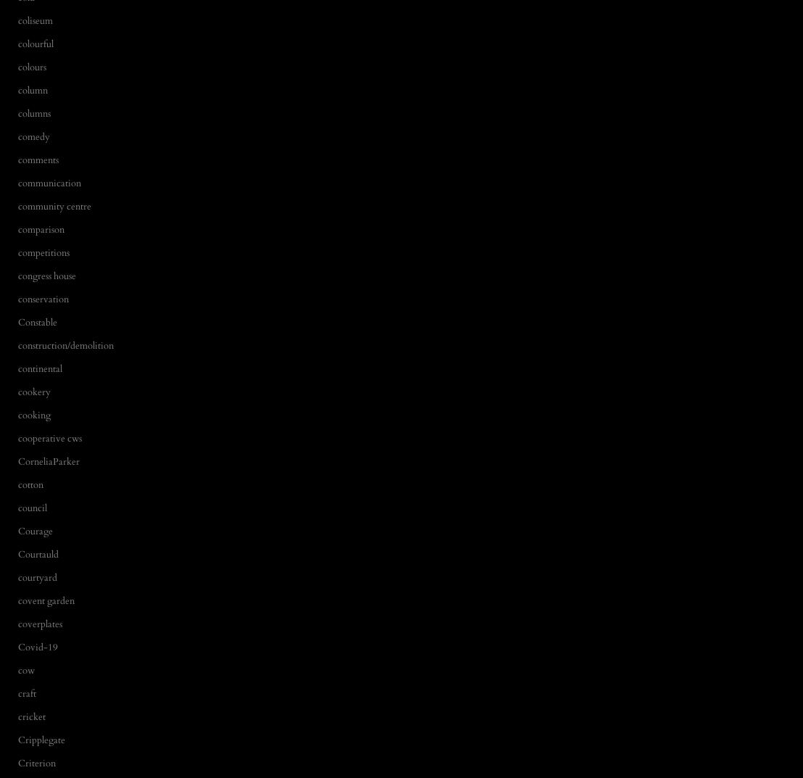 The height and width of the screenshot is (778, 803). What do you see at coordinates (34, 530) in the screenshot?
I see `'Courage'` at bounding box center [34, 530].